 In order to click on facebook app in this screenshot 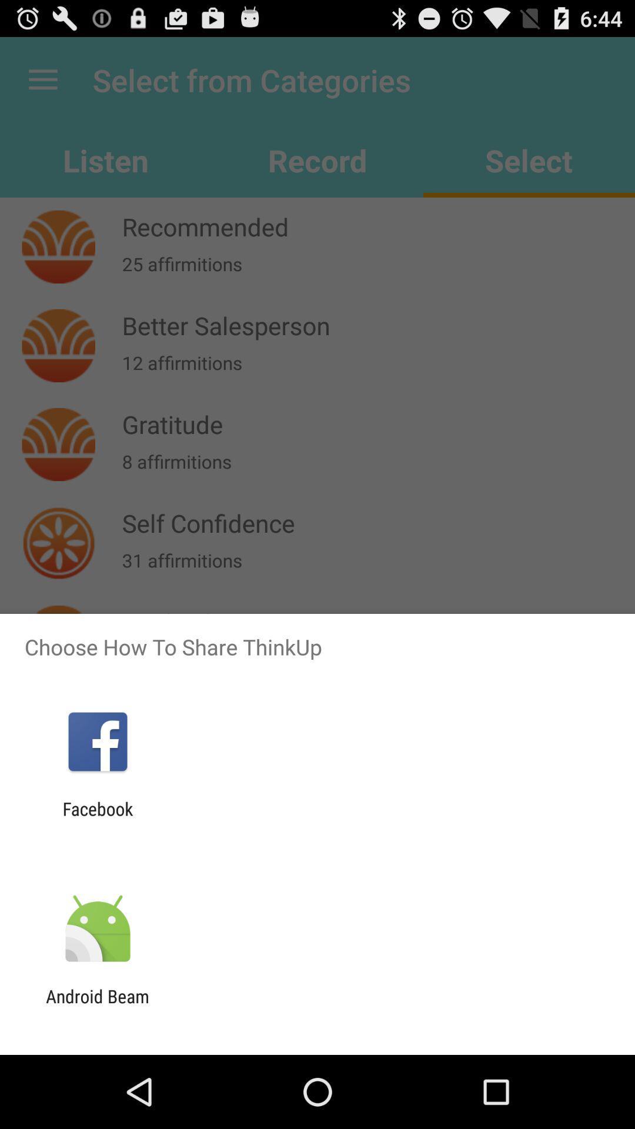, I will do `click(97, 819)`.